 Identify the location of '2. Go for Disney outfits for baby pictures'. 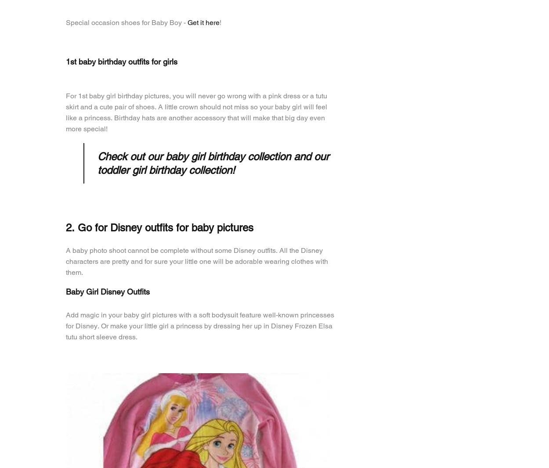
(159, 227).